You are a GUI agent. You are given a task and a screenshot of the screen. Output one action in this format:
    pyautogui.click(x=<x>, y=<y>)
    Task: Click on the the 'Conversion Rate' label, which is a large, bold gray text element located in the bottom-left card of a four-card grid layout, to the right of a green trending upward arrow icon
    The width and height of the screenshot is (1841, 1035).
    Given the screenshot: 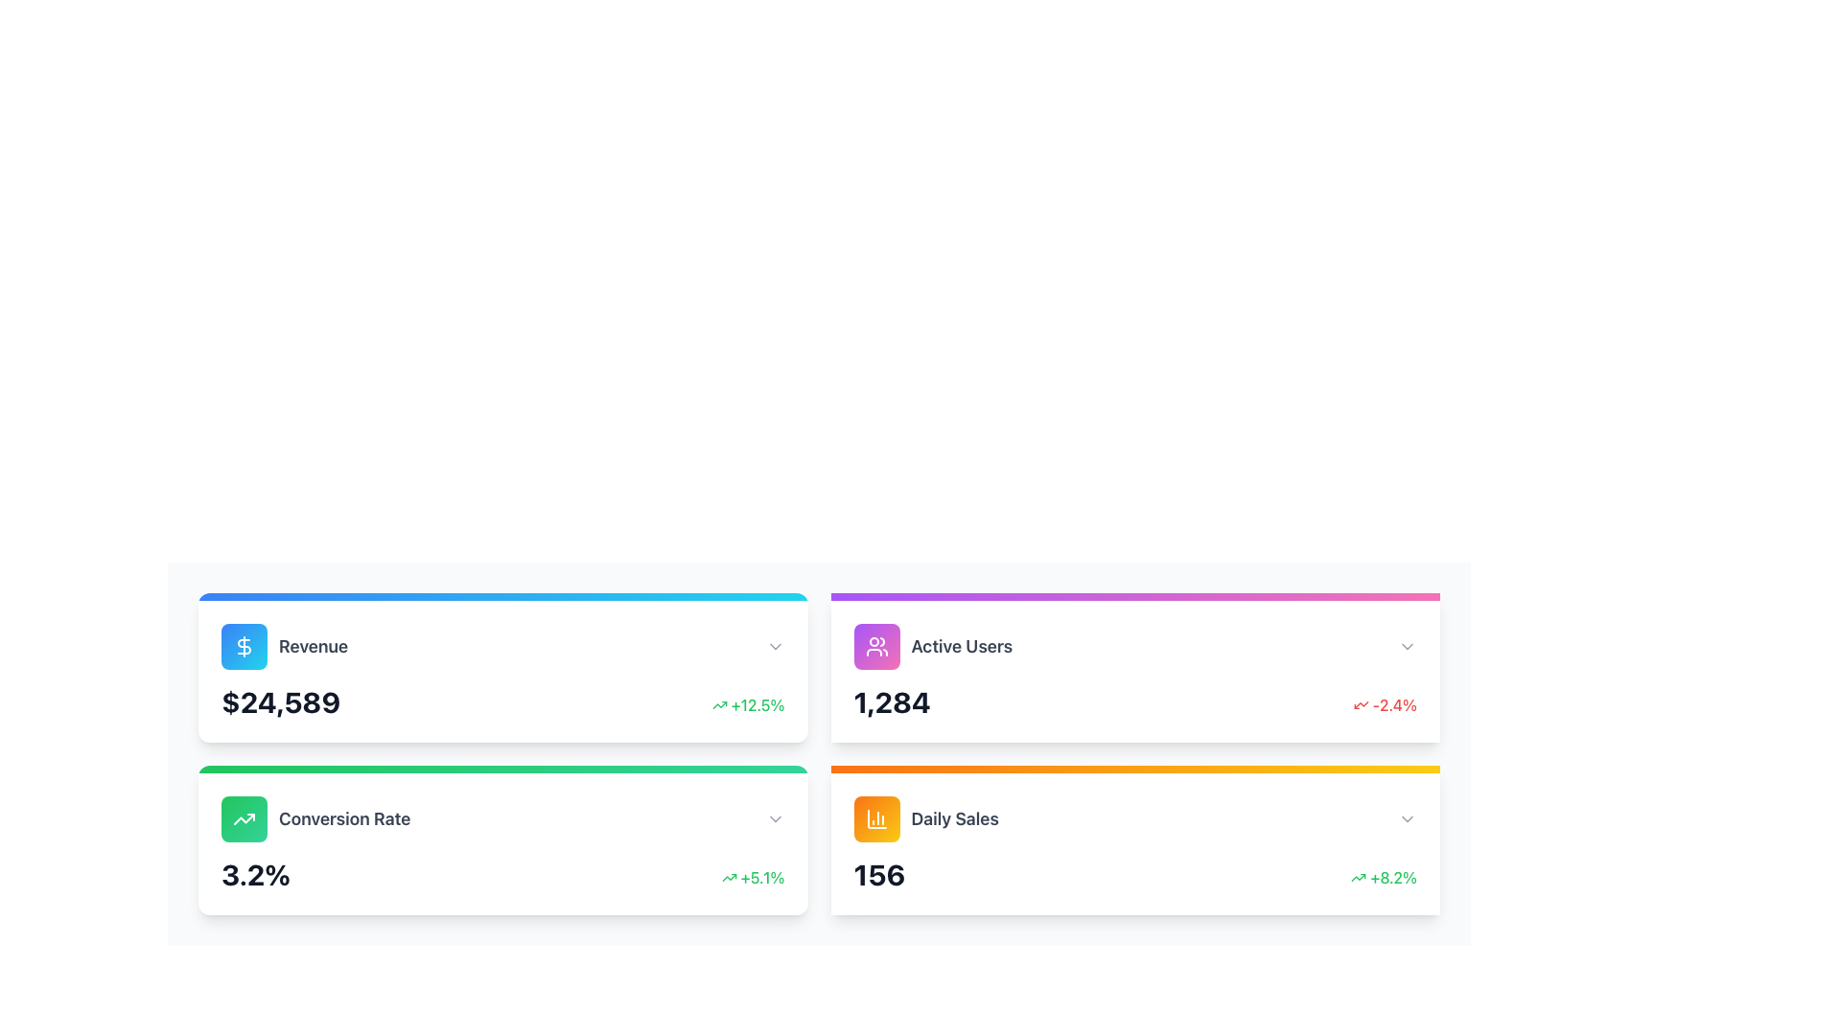 What is the action you would take?
    pyautogui.click(x=344, y=819)
    